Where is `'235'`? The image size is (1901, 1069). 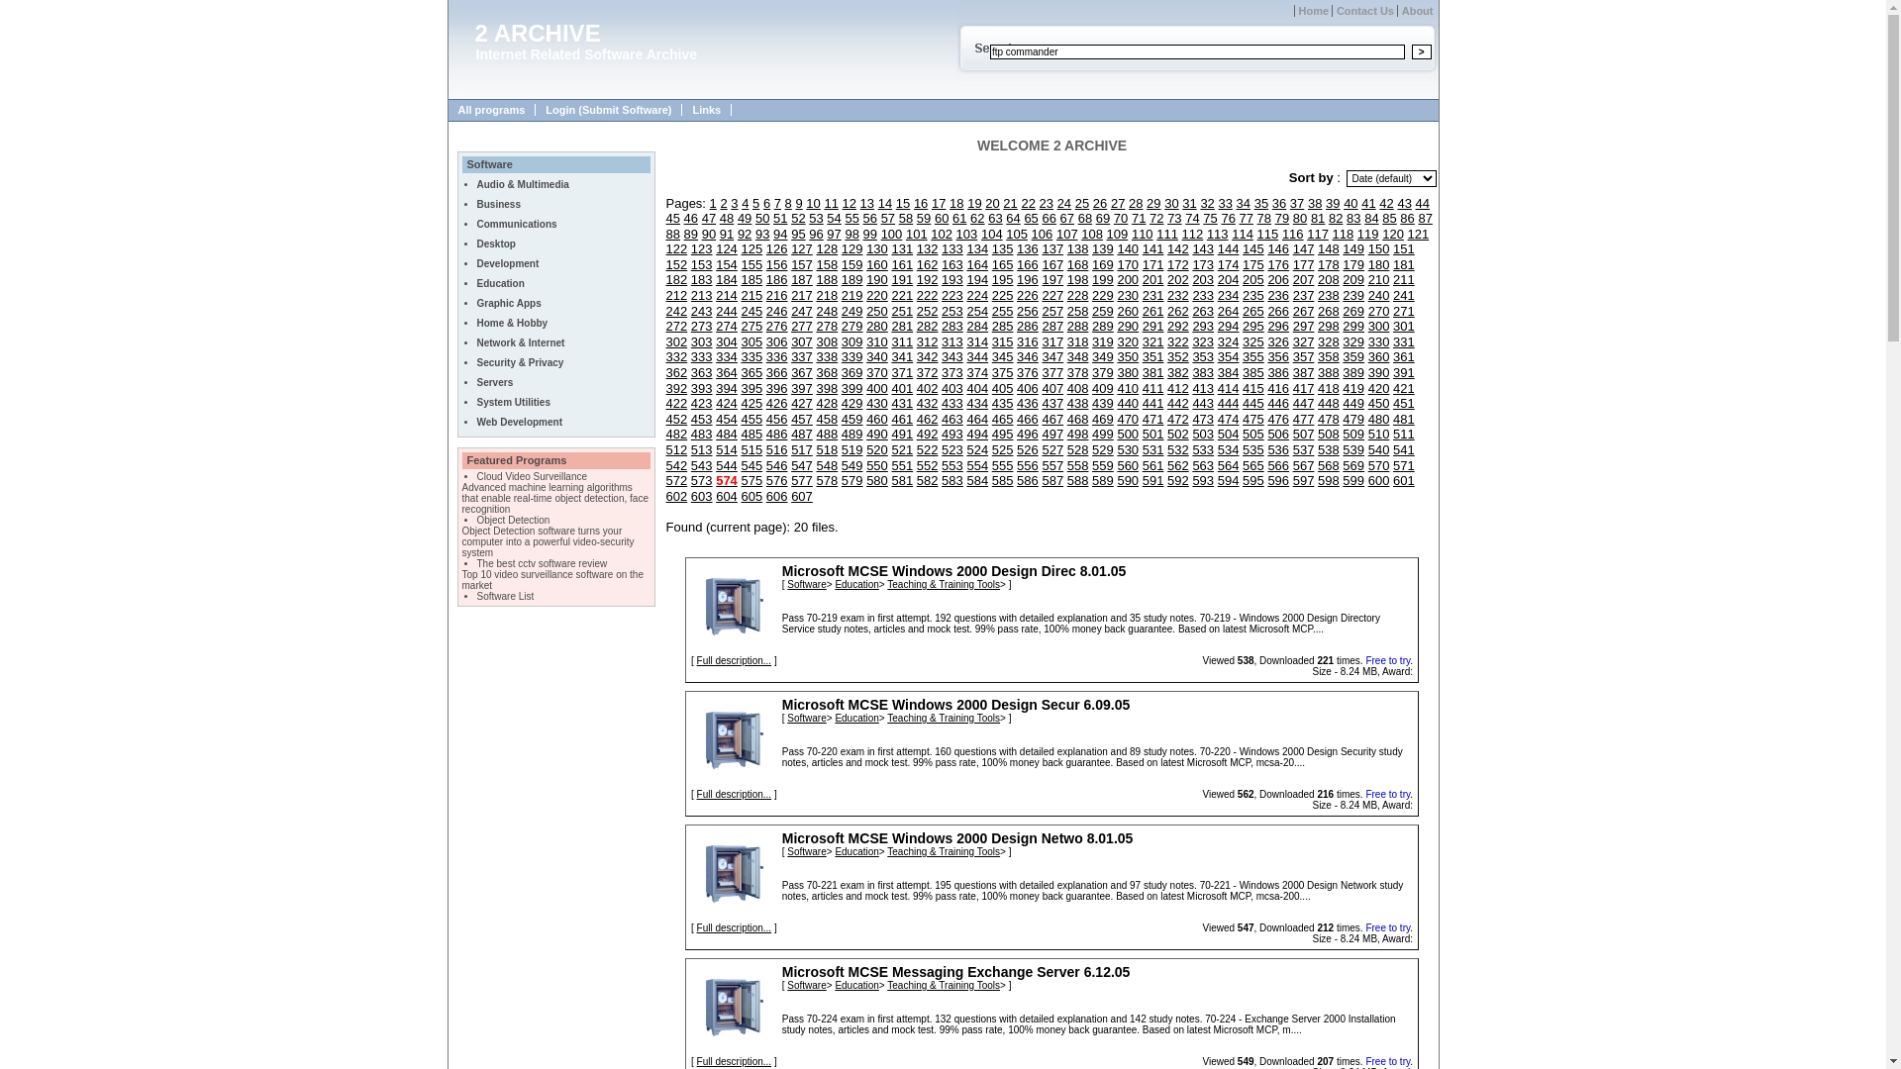 '235' is located at coordinates (1252, 295).